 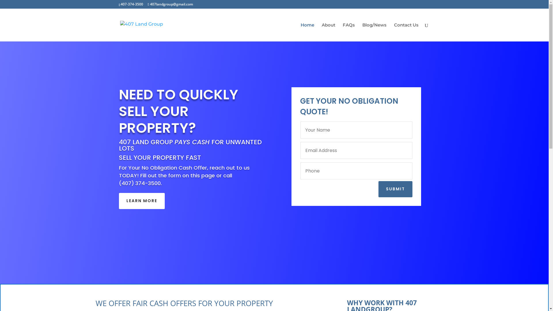 What do you see at coordinates (328, 32) in the screenshot?
I see `'About'` at bounding box center [328, 32].